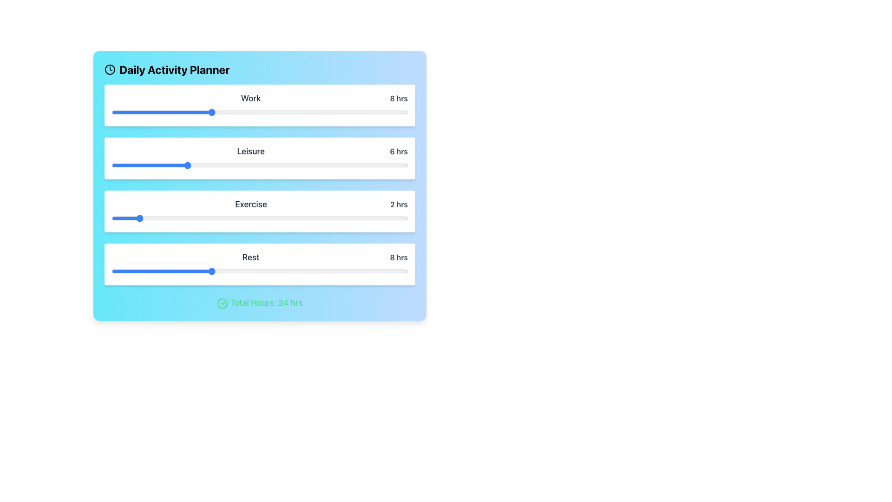  What do you see at coordinates (149, 112) in the screenshot?
I see `'Work' hours` at bounding box center [149, 112].